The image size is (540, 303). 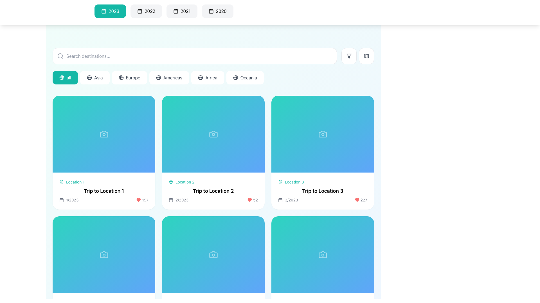 I want to click on the bold text label that reads 'Trip to Location 2' located under the 'Location 2' heading in the second card of the destination cards to signify interest or for details, so click(x=213, y=190).